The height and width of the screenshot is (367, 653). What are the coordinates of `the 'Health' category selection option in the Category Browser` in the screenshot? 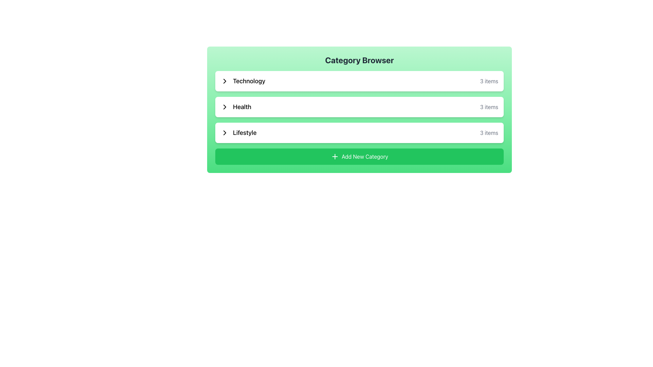 It's located at (359, 109).